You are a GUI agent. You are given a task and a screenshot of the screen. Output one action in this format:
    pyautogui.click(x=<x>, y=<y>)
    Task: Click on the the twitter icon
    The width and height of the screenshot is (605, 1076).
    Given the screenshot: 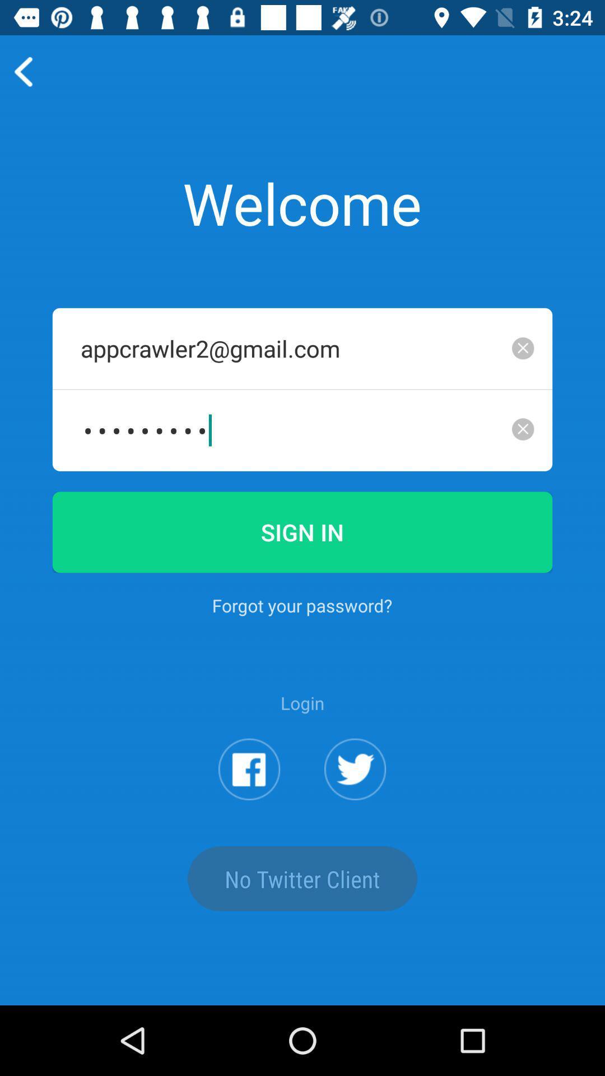 What is the action you would take?
    pyautogui.click(x=355, y=823)
    